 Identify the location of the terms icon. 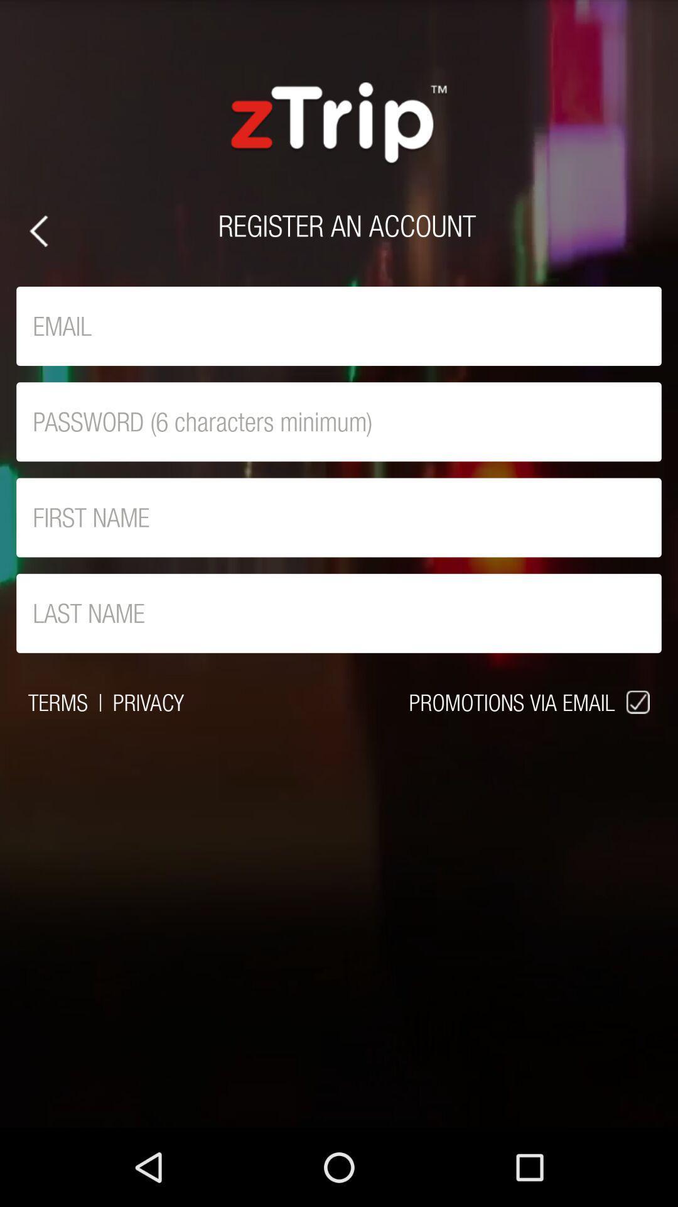
(58, 702).